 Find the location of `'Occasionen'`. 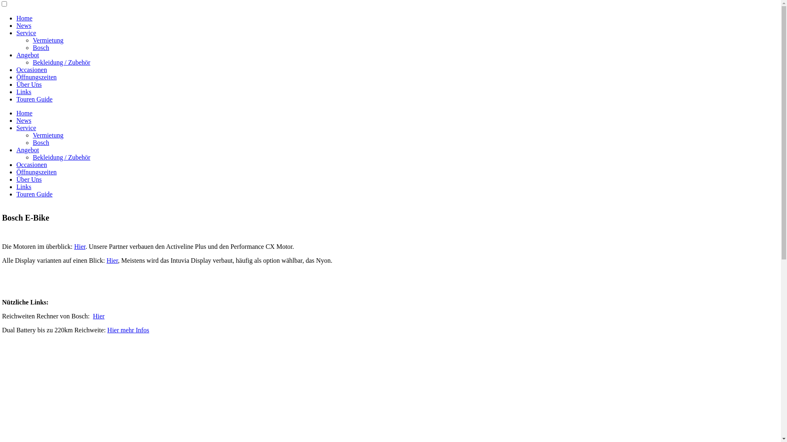

'Occasionen' is located at coordinates (32, 165).